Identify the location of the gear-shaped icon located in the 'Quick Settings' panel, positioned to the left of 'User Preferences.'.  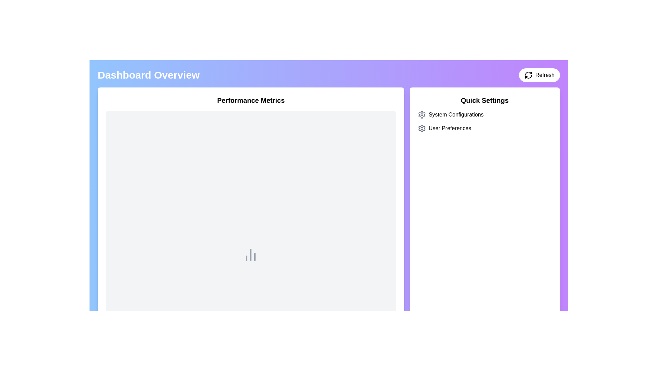
(421, 114).